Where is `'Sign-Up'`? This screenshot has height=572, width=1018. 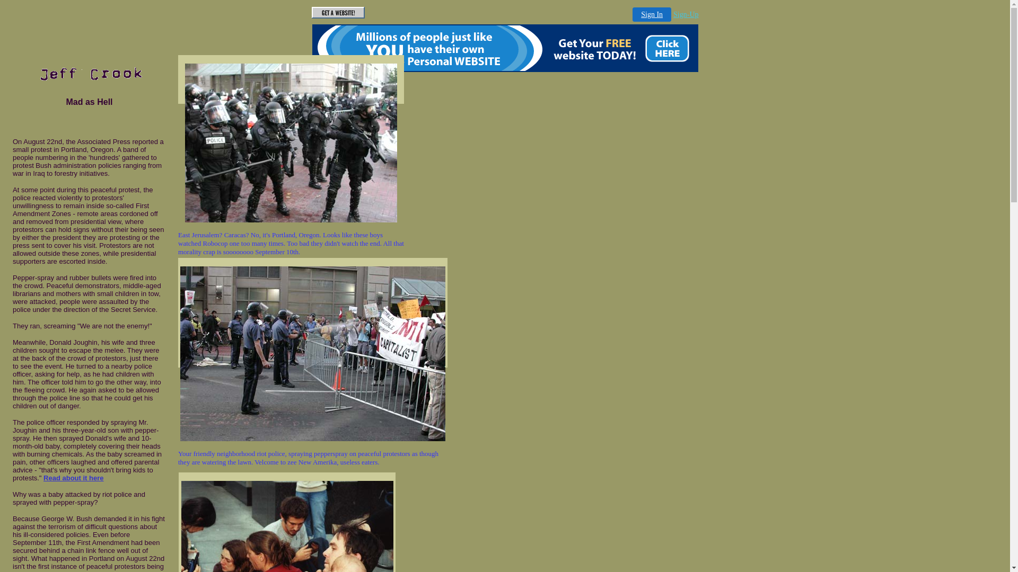
'Sign-Up' is located at coordinates (686, 14).